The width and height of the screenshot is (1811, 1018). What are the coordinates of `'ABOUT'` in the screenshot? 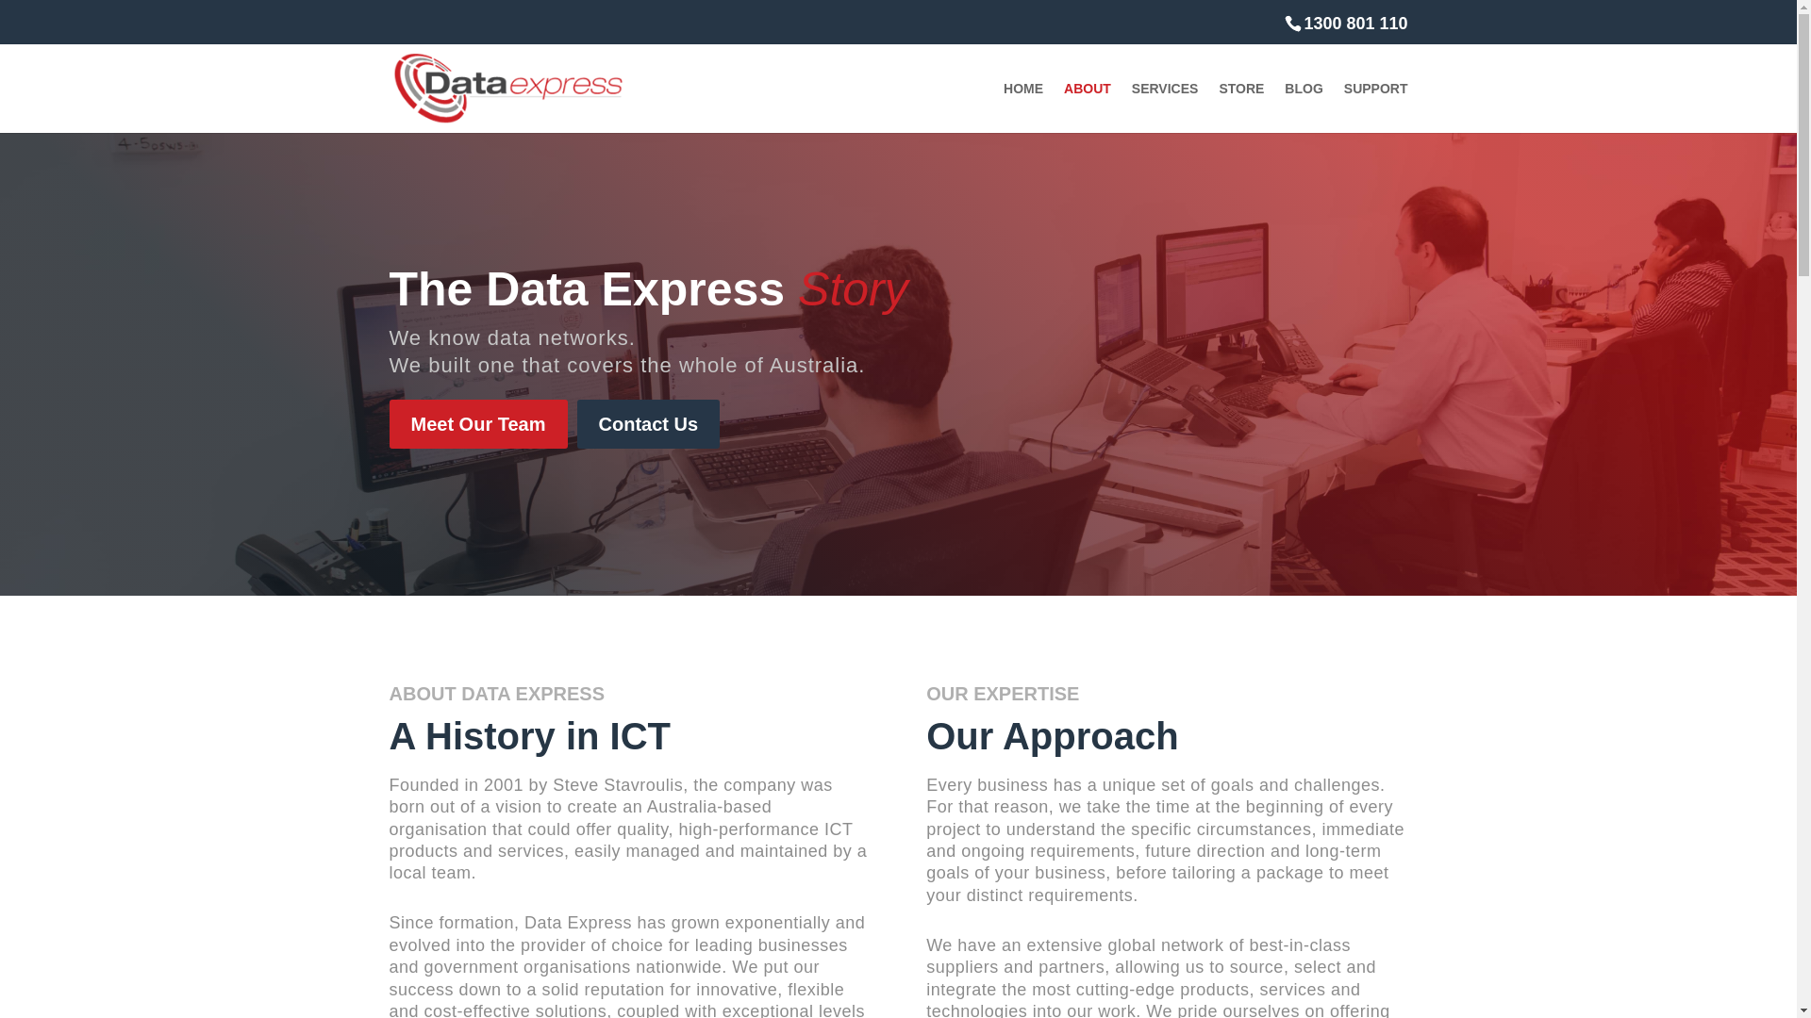 It's located at (1064, 107).